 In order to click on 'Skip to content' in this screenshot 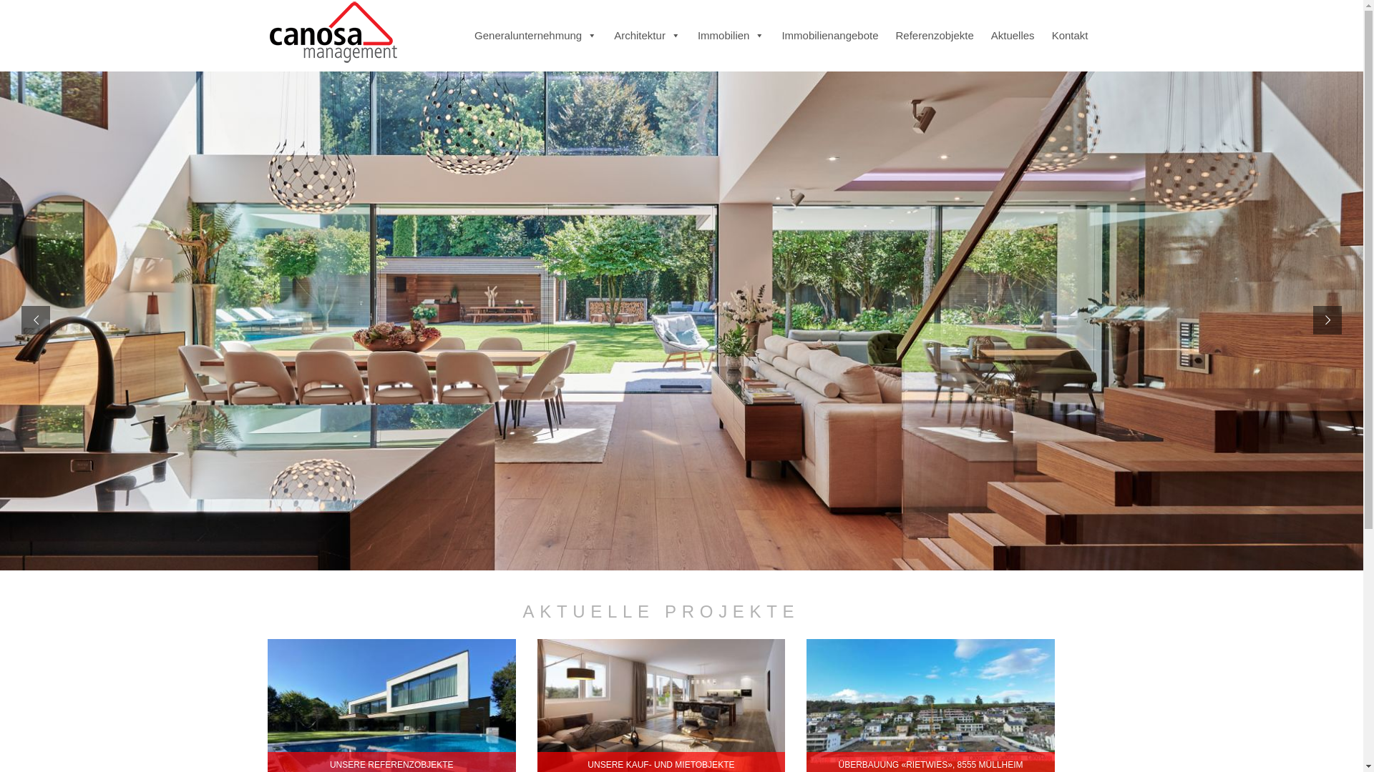, I will do `click(512, 11)`.